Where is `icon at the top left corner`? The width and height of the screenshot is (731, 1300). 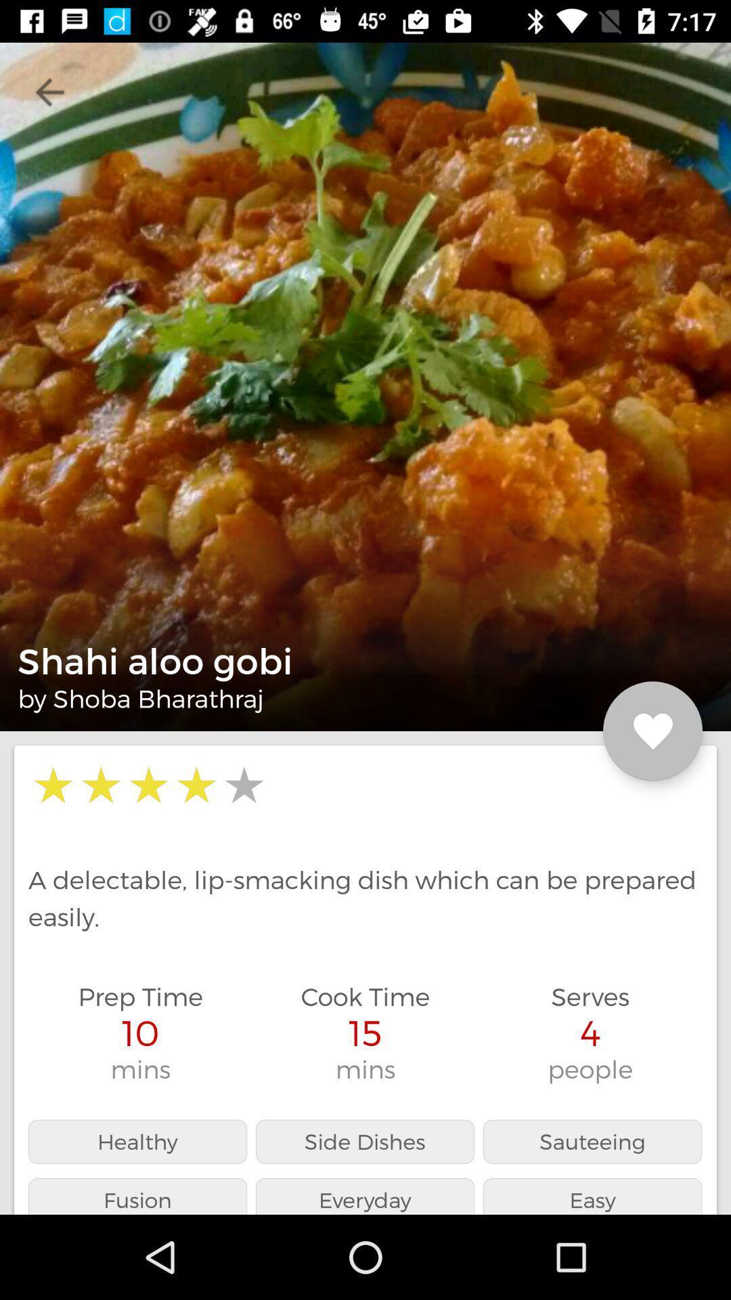
icon at the top left corner is located at coordinates (49, 91).